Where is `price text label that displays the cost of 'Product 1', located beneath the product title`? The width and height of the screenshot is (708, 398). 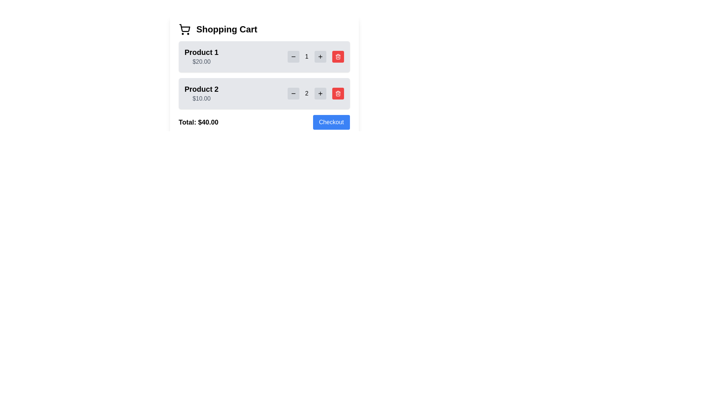 price text label that displays the cost of 'Product 1', located beneath the product title is located at coordinates (201, 61).